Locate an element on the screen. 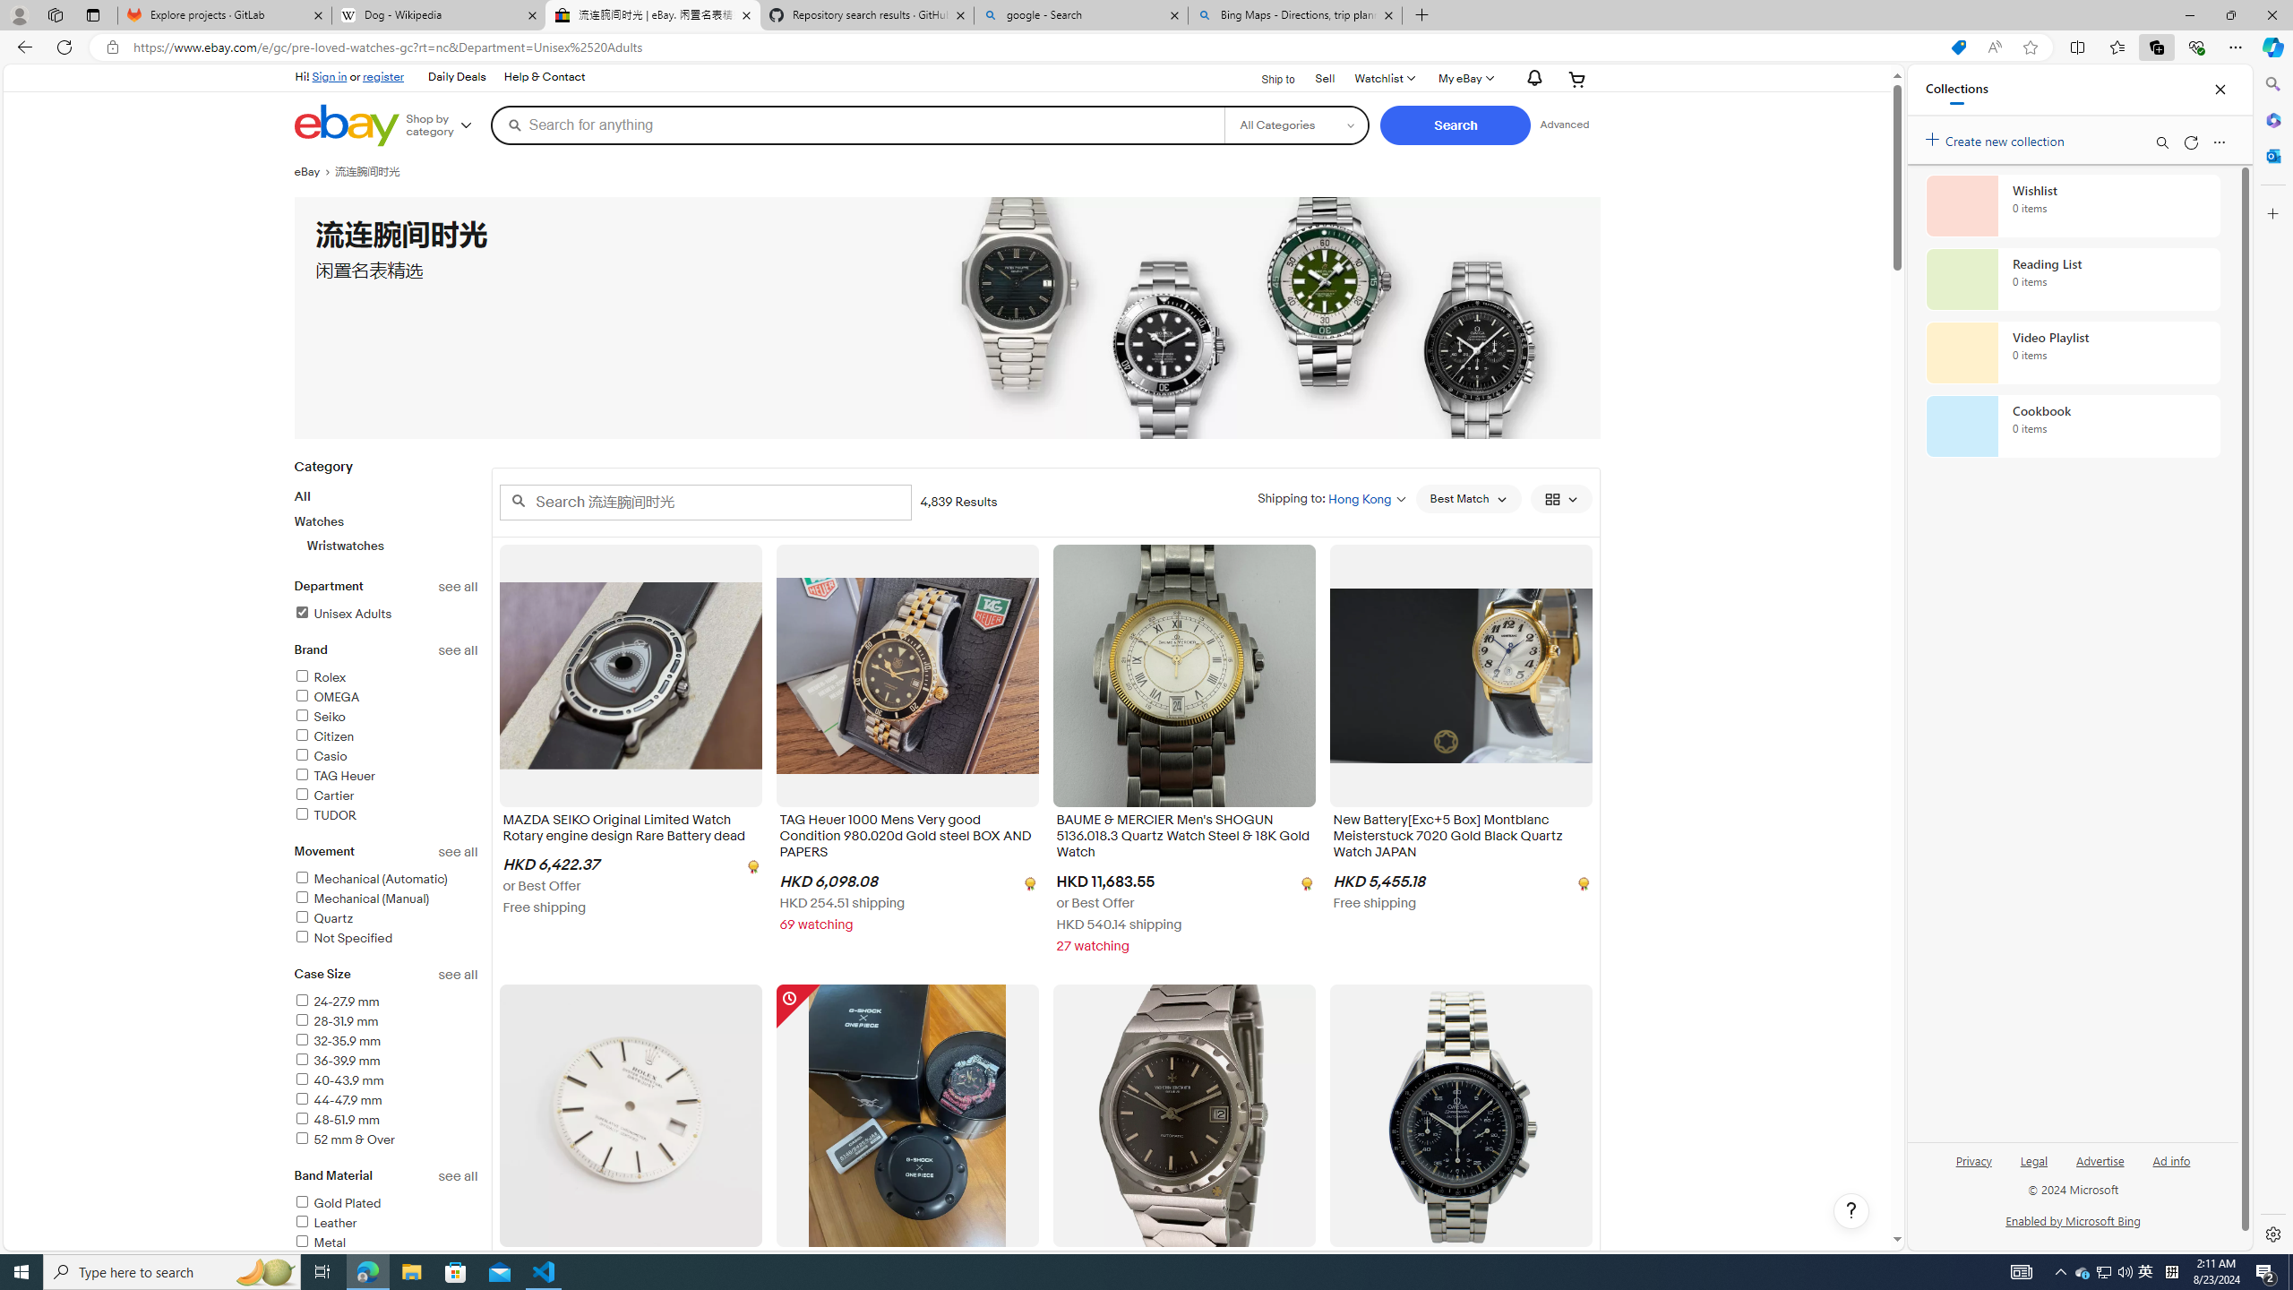  'Gold Plated' is located at coordinates (386, 1204).